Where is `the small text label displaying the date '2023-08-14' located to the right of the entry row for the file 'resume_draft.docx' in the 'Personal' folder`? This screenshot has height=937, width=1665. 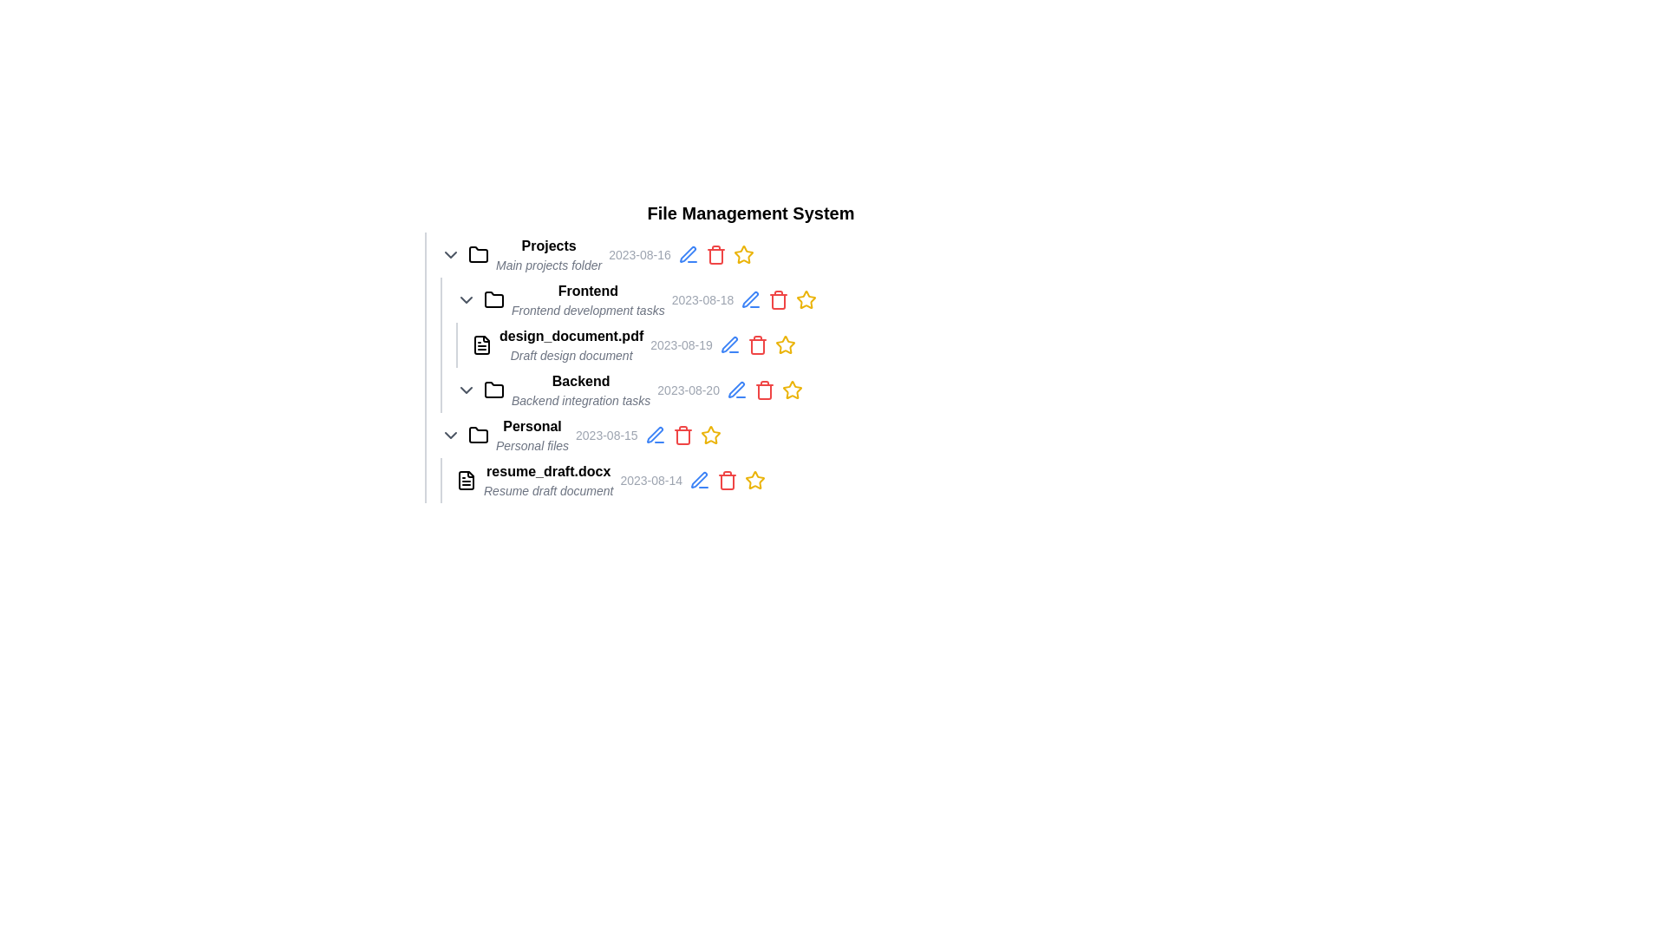 the small text label displaying the date '2023-08-14' located to the right of the entry row for the file 'resume_draft.docx' in the 'Personal' folder is located at coordinates (650, 481).